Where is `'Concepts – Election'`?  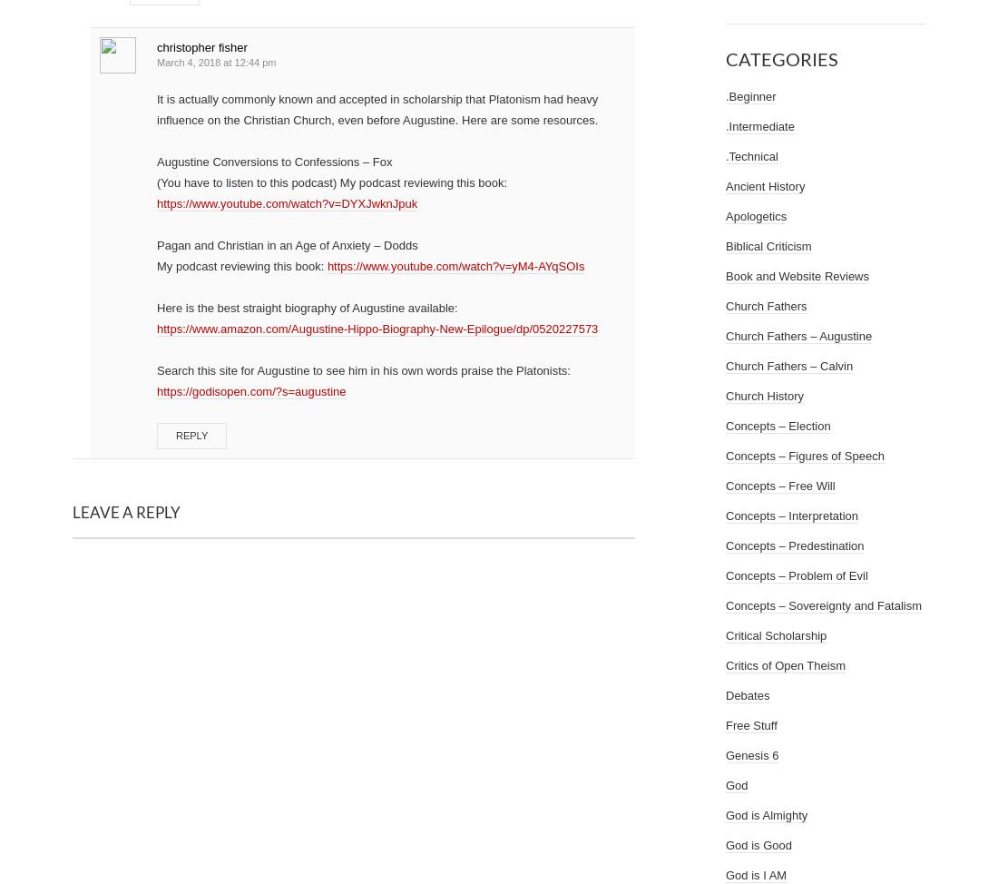 'Concepts – Election' is located at coordinates (777, 425).